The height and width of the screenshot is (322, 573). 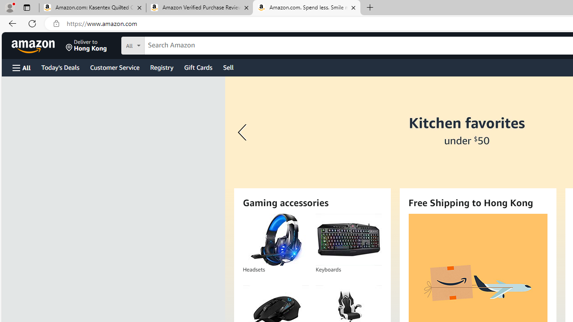 What do you see at coordinates (275, 239) in the screenshot?
I see `'Headsets'` at bounding box center [275, 239].